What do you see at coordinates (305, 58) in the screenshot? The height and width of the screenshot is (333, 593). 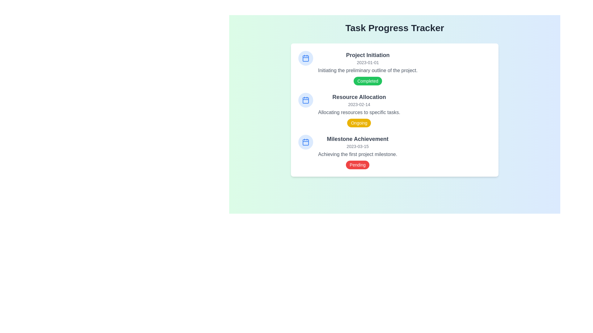 I see `the circular icon with a pale blue background and calendar symbol, located to the left of the task entry titled 'Project Initiation'` at bounding box center [305, 58].